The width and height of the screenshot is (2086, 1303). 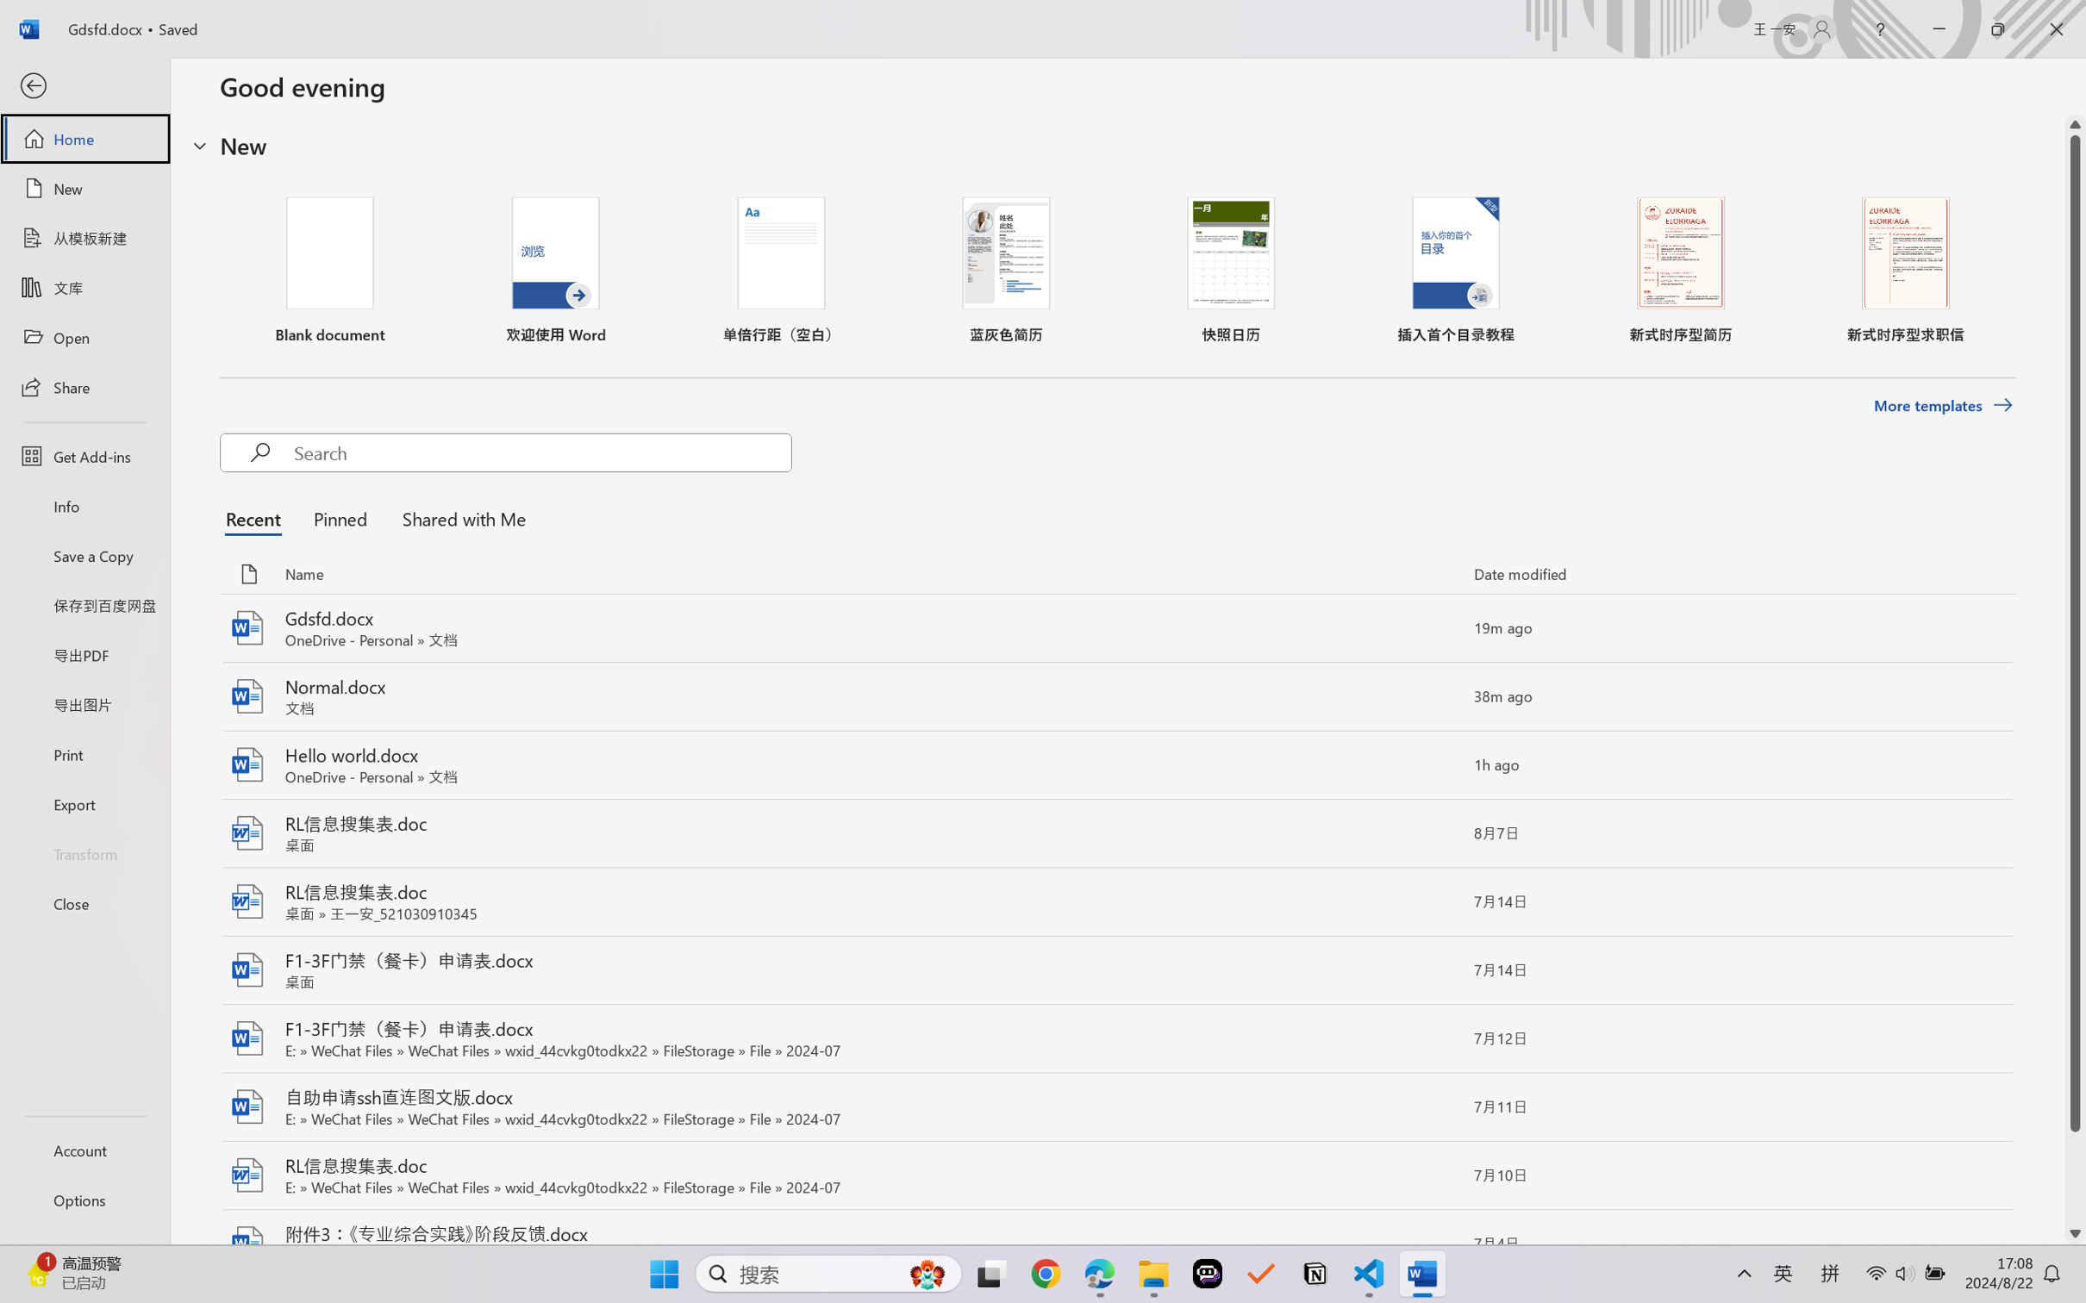 What do you see at coordinates (541, 452) in the screenshot?
I see `'Search'` at bounding box center [541, 452].